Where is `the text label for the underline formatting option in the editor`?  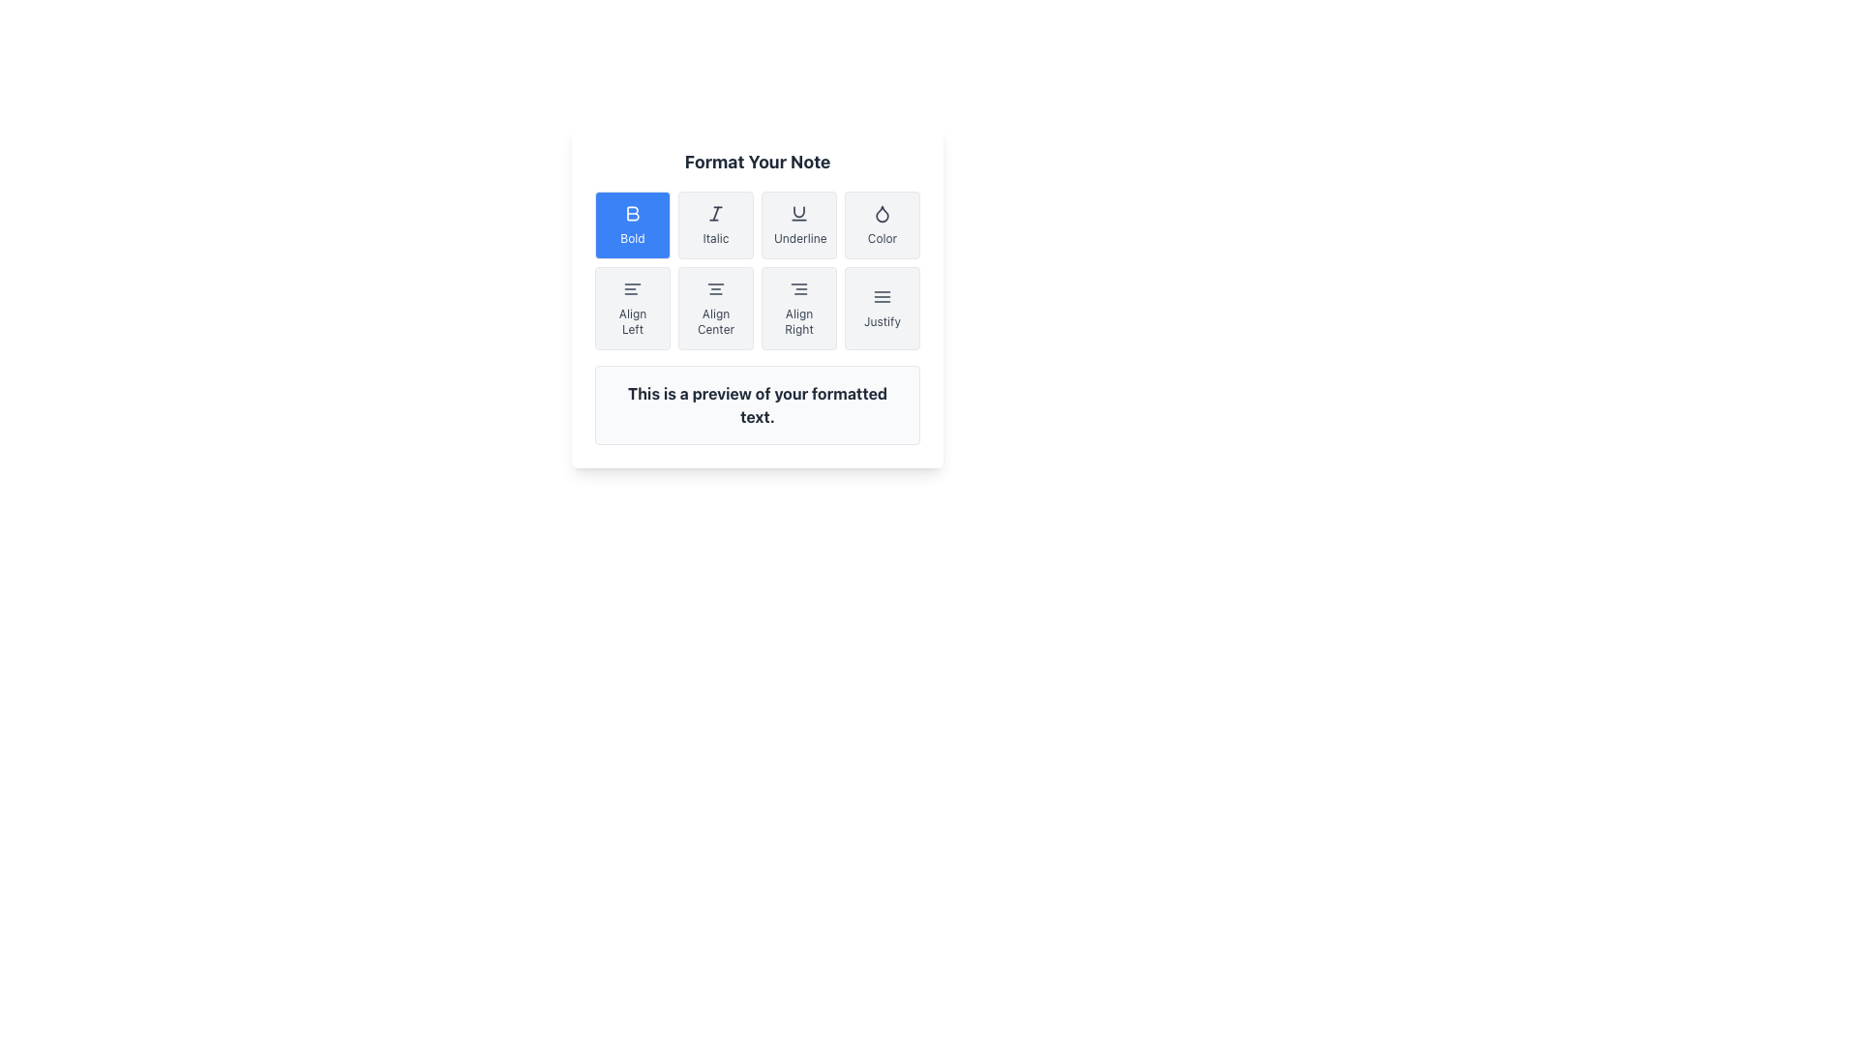 the text label for the underline formatting option in the editor is located at coordinates (798, 237).